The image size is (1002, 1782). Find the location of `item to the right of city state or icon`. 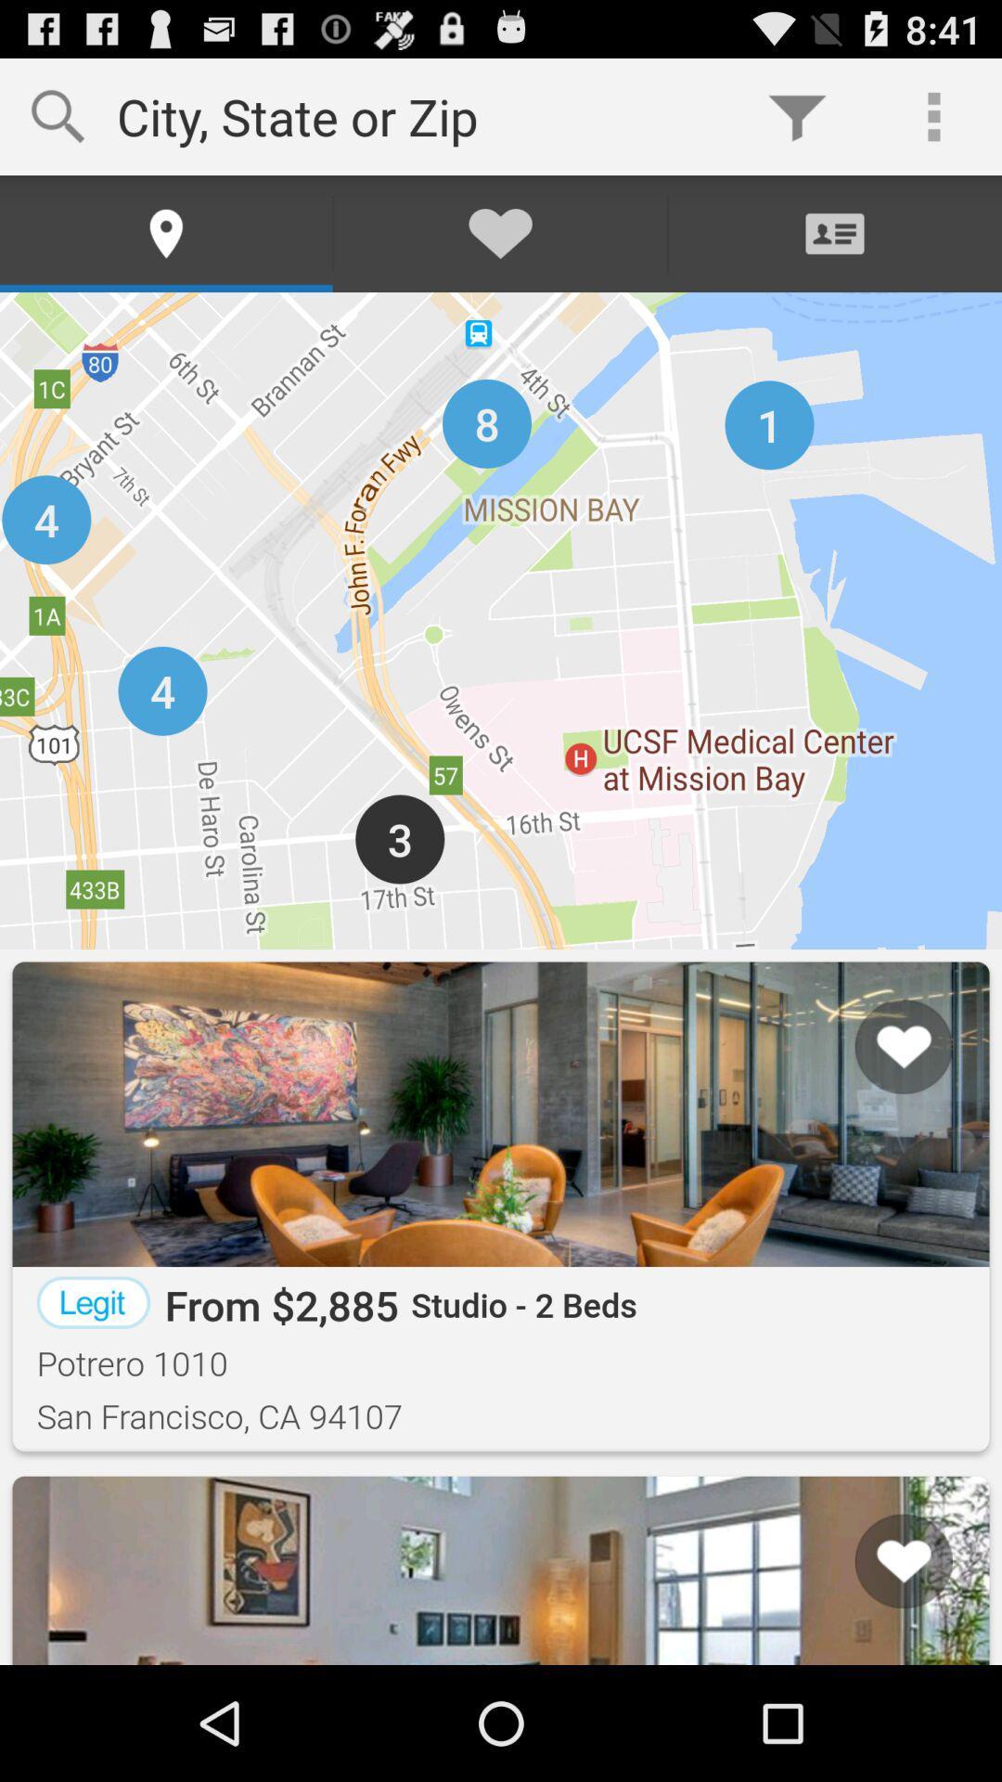

item to the right of city state or icon is located at coordinates (796, 115).